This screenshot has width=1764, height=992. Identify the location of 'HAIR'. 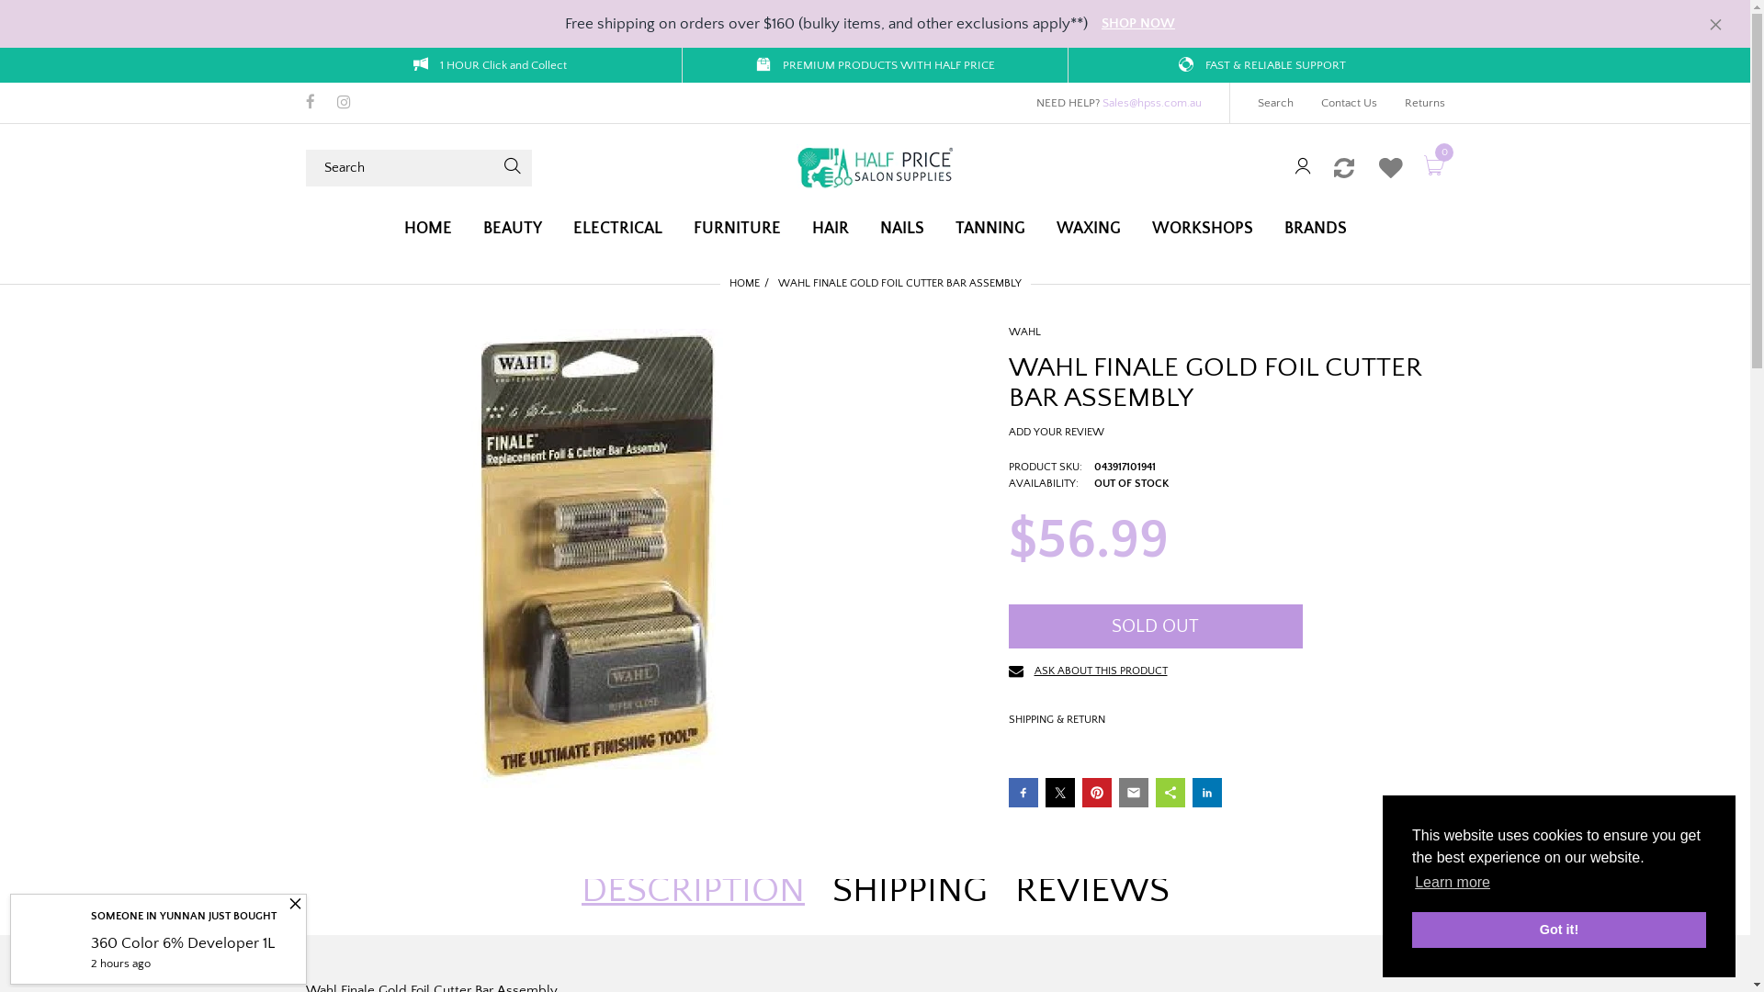
(829, 228).